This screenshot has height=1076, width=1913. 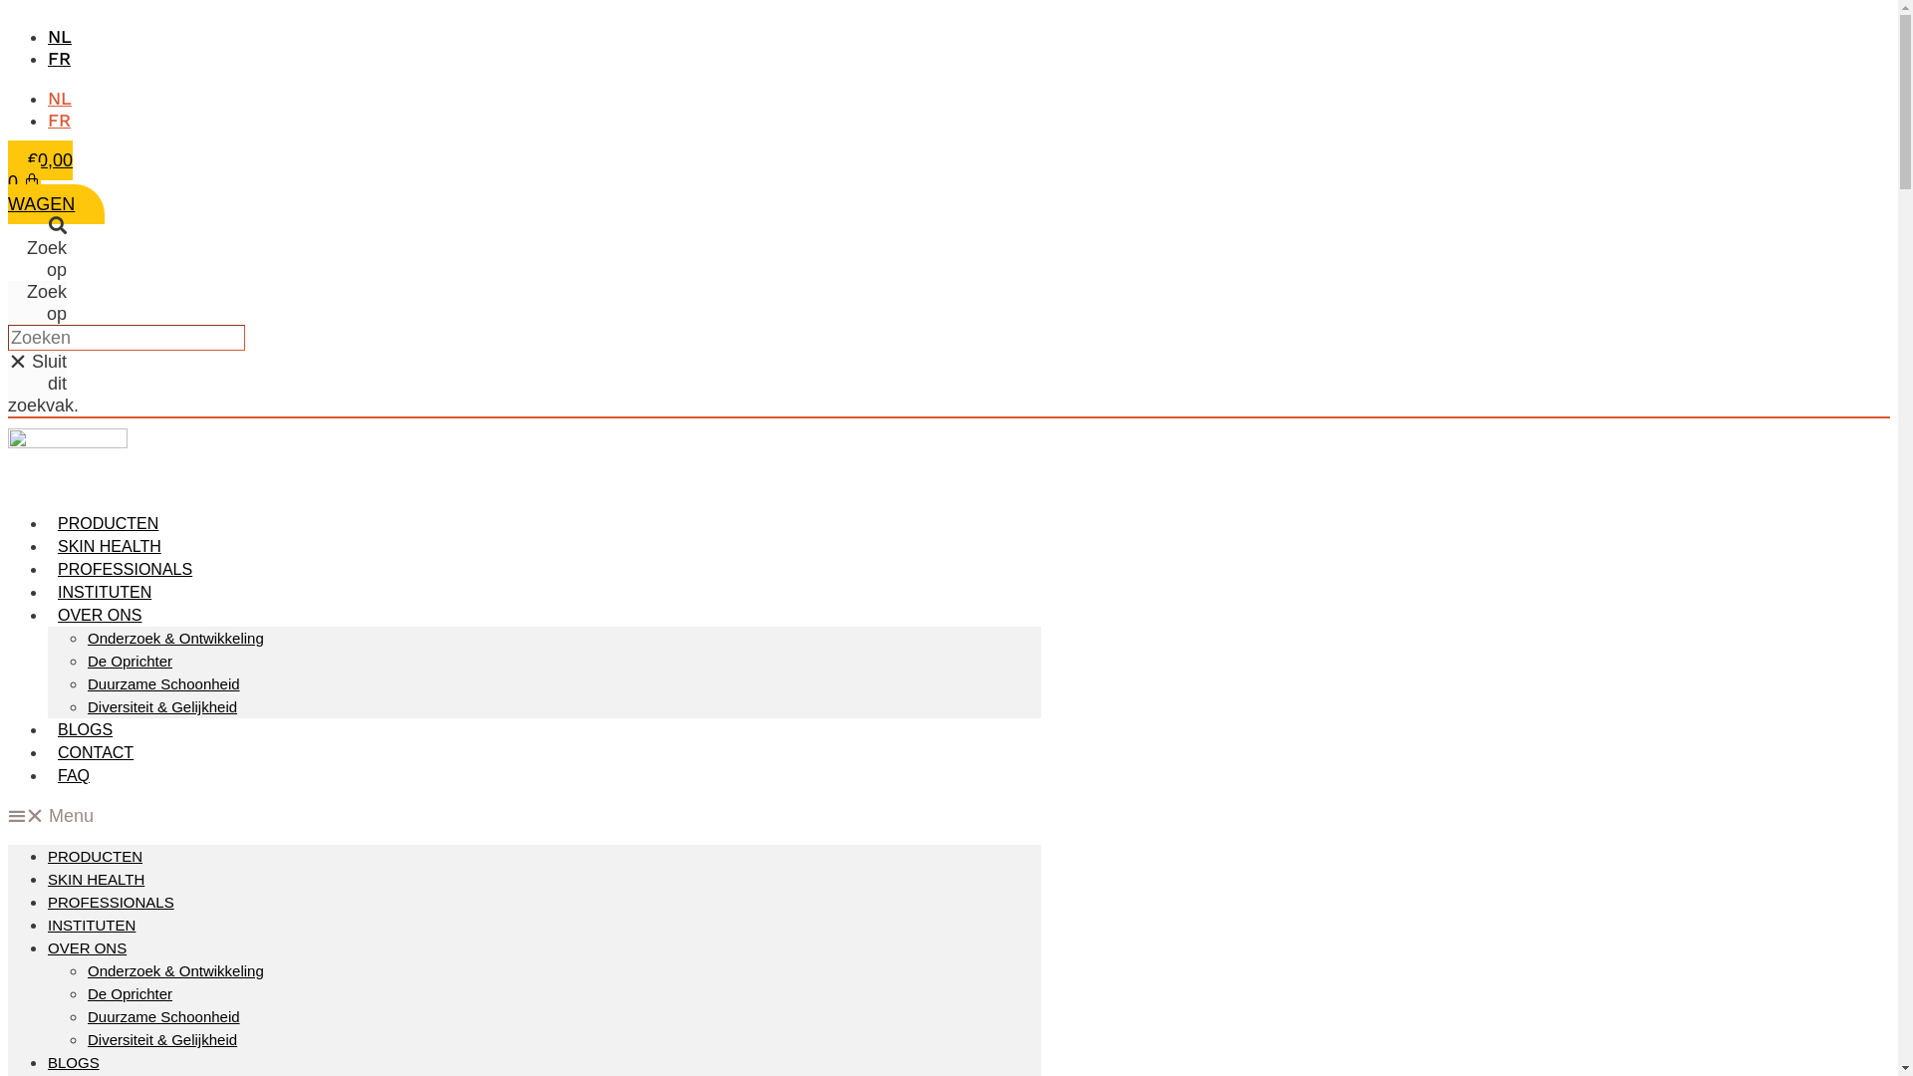 What do you see at coordinates (124, 569) in the screenshot?
I see `'PROFESSIONALS'` at bounding box center [124, 569].